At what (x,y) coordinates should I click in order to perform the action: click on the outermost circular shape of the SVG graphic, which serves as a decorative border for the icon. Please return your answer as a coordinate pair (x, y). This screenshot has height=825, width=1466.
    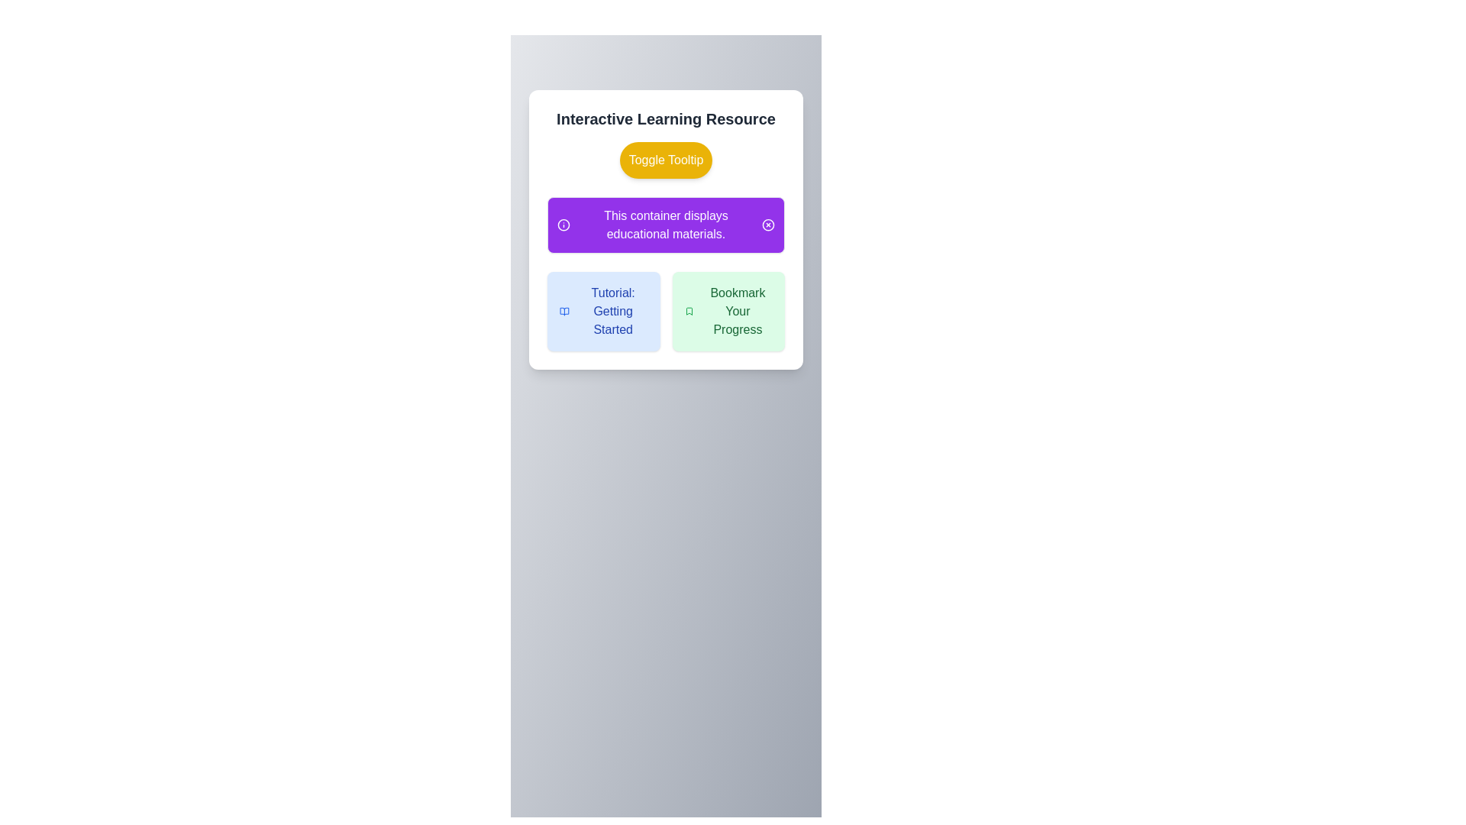
    Looking at the image, I should click on (563, 225).